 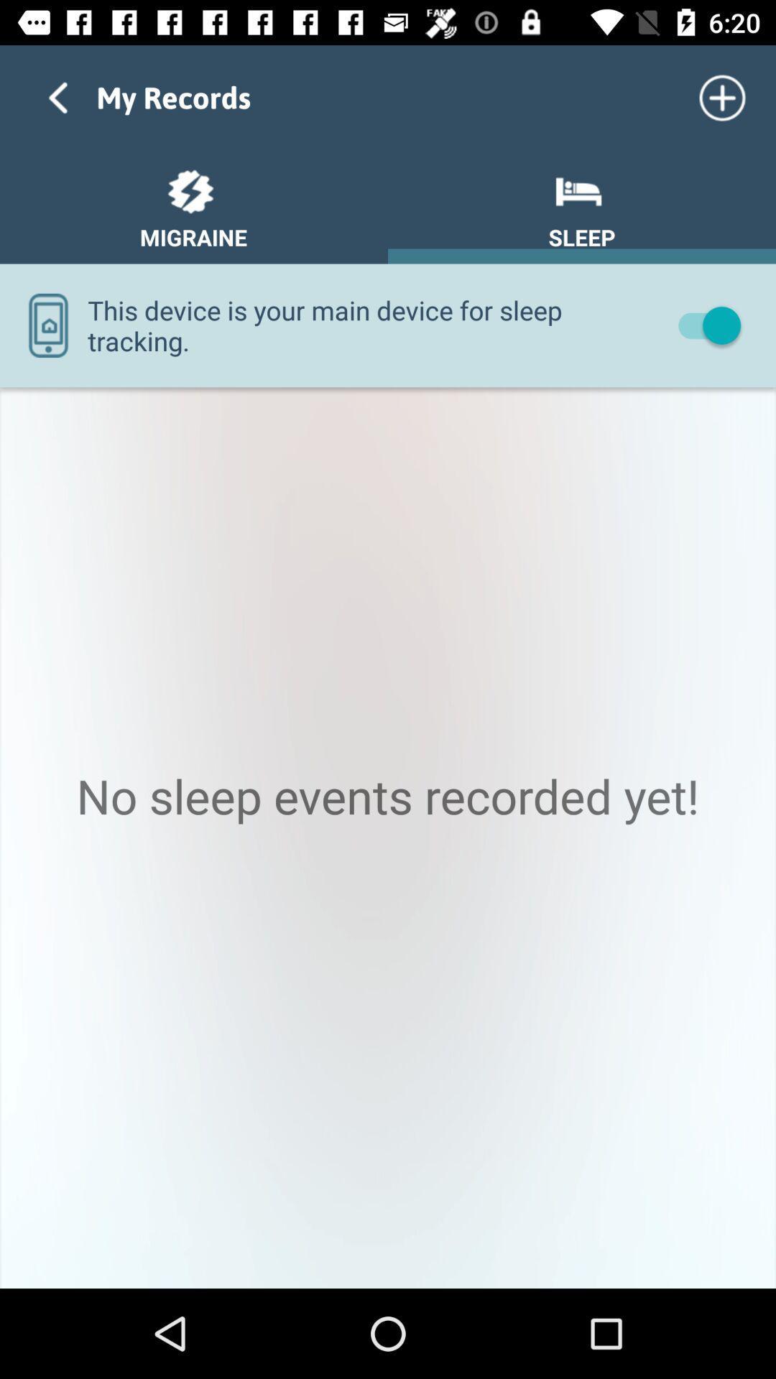 What do you see at coordinates (388, 837) in the screenshot?
I see `no sleep events` at bounding box center [388, 837].